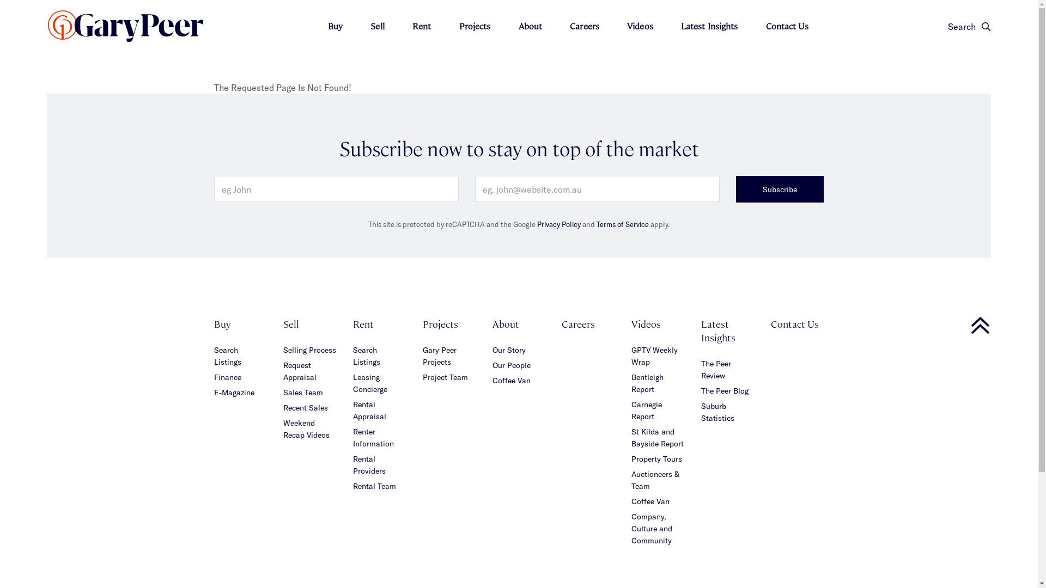  What do you see at coordinates (422, 376) in the screenshot?
I see `'Project Team'` at bounding box center [422, 376].